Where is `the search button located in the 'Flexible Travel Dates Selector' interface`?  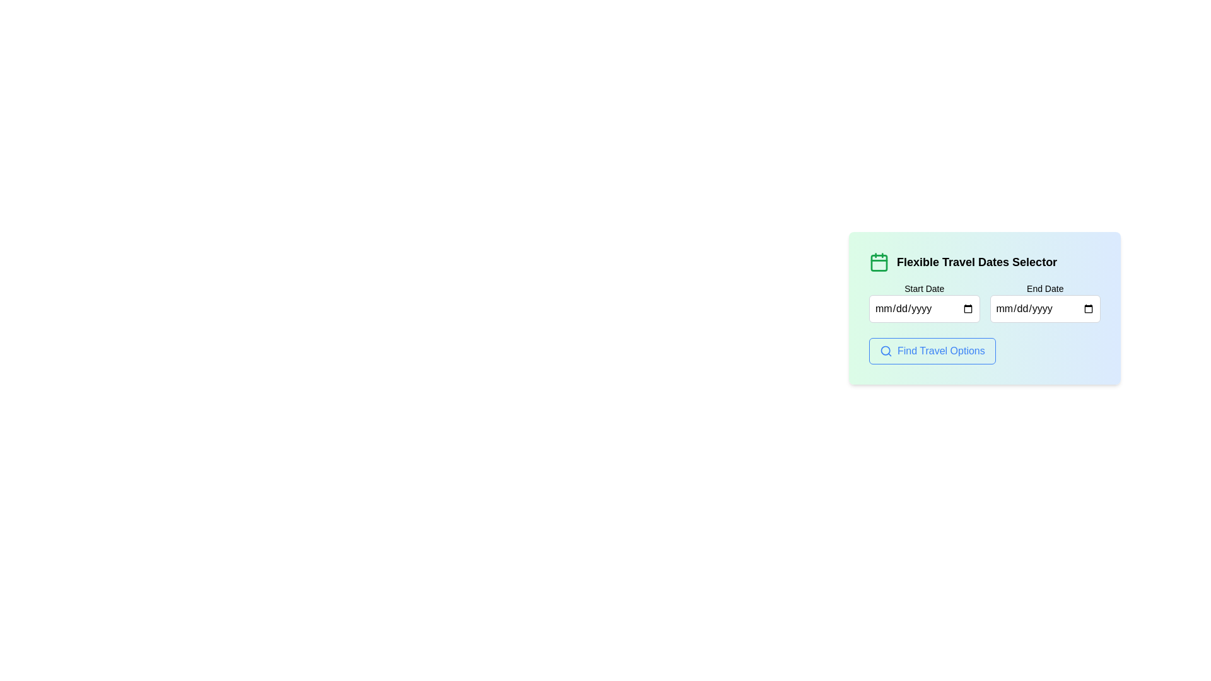 the search button located in the 'Flexible Travel Dates Selector' interface is located at coordinates (932, 351).